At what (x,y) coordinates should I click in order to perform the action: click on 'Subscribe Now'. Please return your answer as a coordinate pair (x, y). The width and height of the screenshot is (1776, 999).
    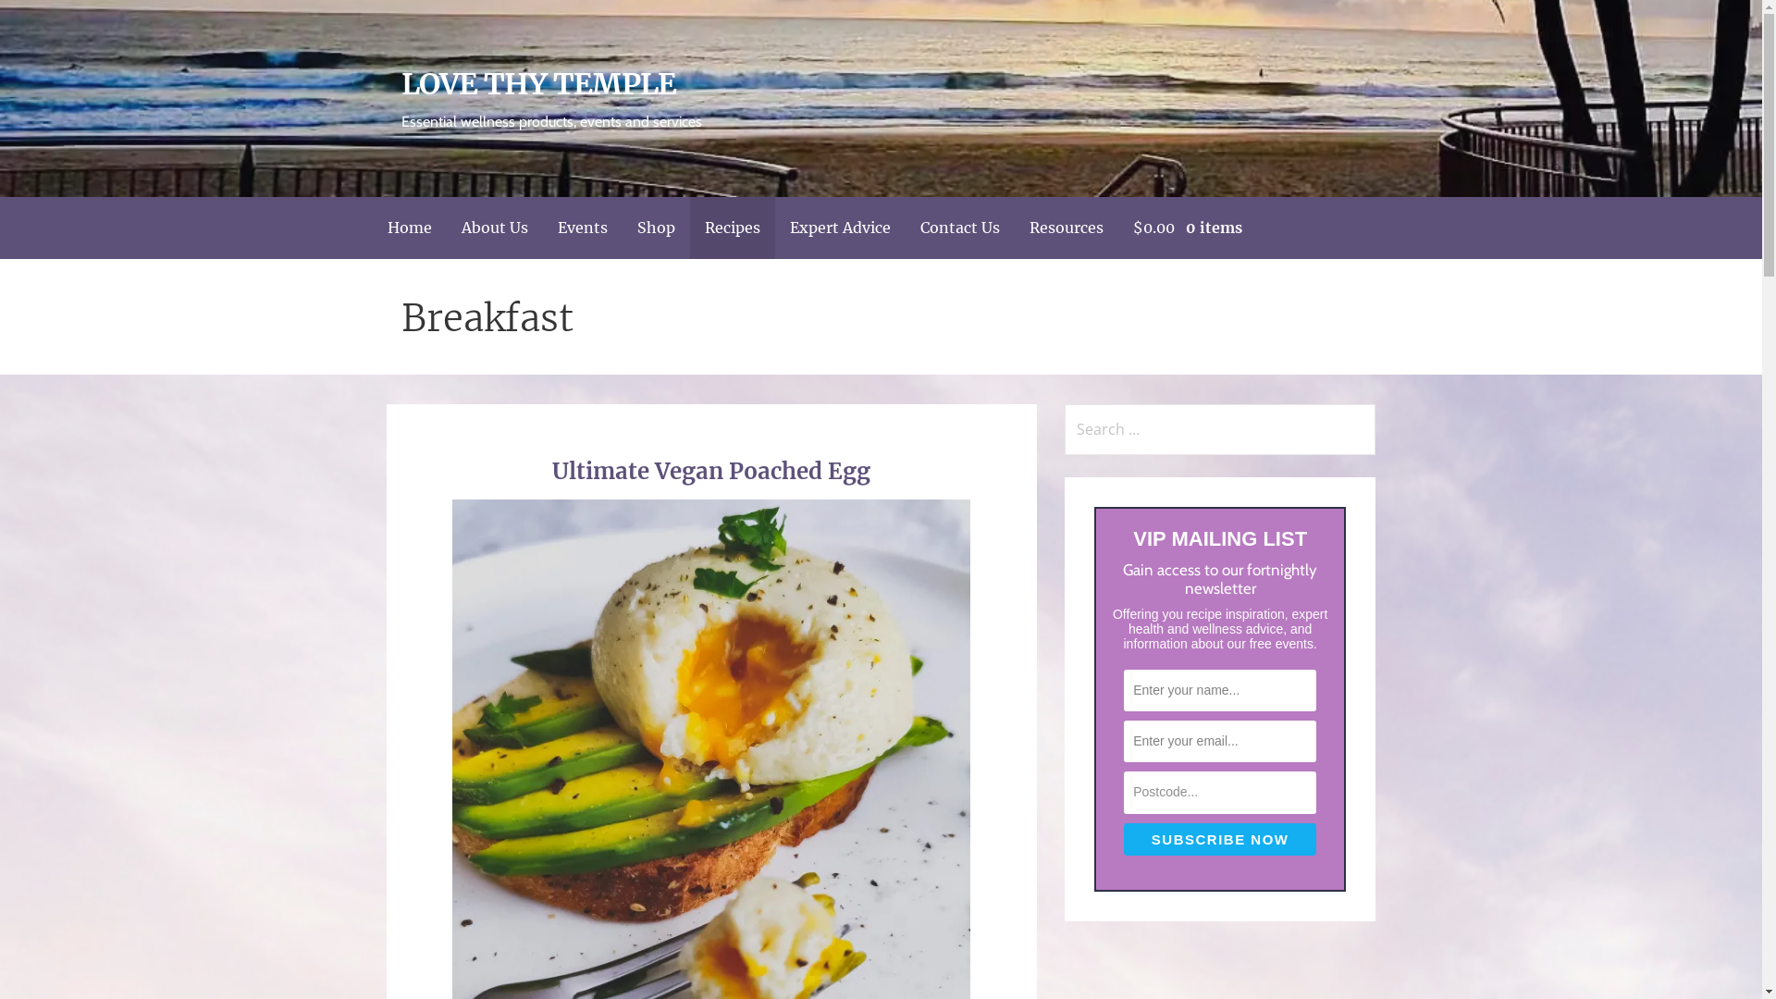
    Looking at the image, I should click on (1122, 839).